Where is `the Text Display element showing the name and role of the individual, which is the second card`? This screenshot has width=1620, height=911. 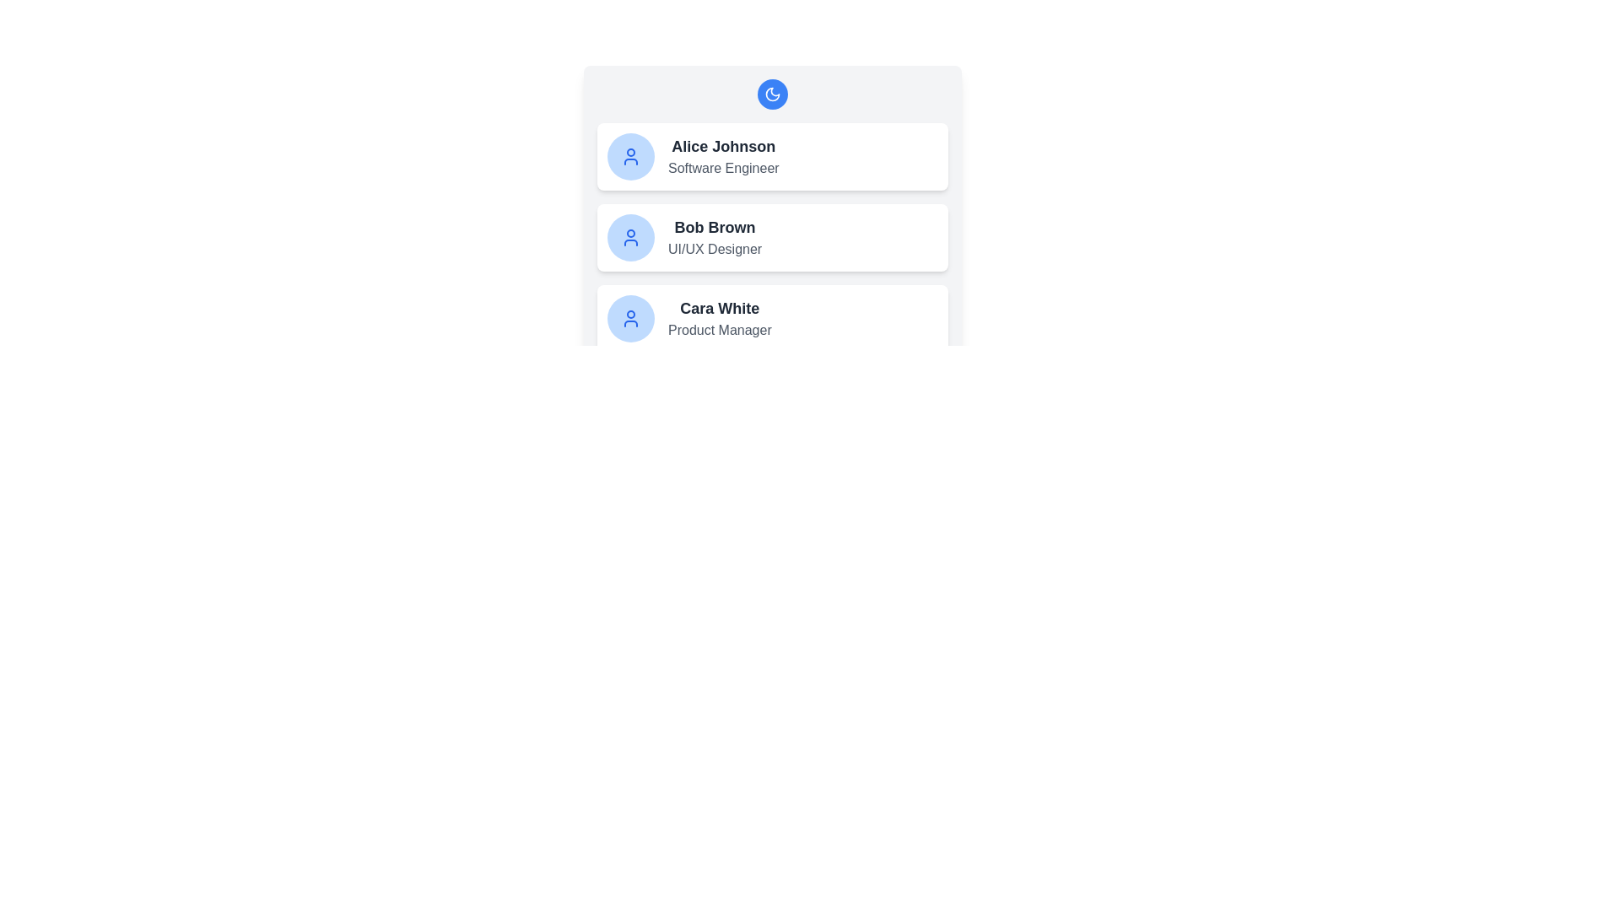 the Text Display element showing the name and role of the individual, which is the second card is located at coordinates (715, 237).